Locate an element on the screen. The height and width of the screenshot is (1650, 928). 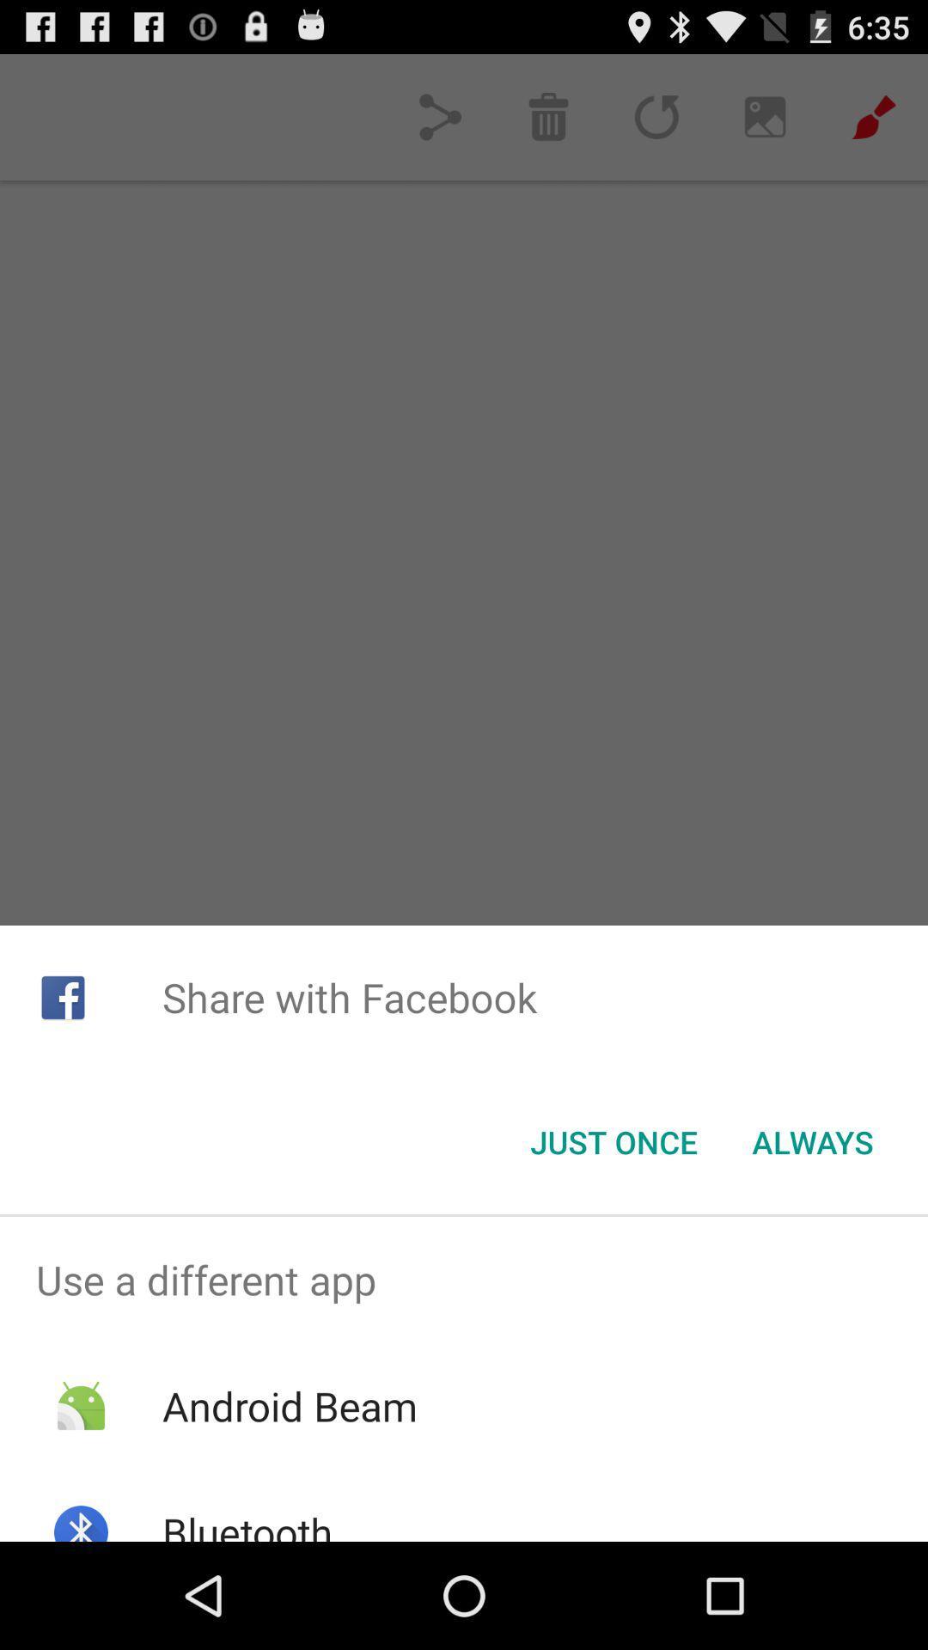
the icon next to the just once icon is located at coordinates (812, 1142).